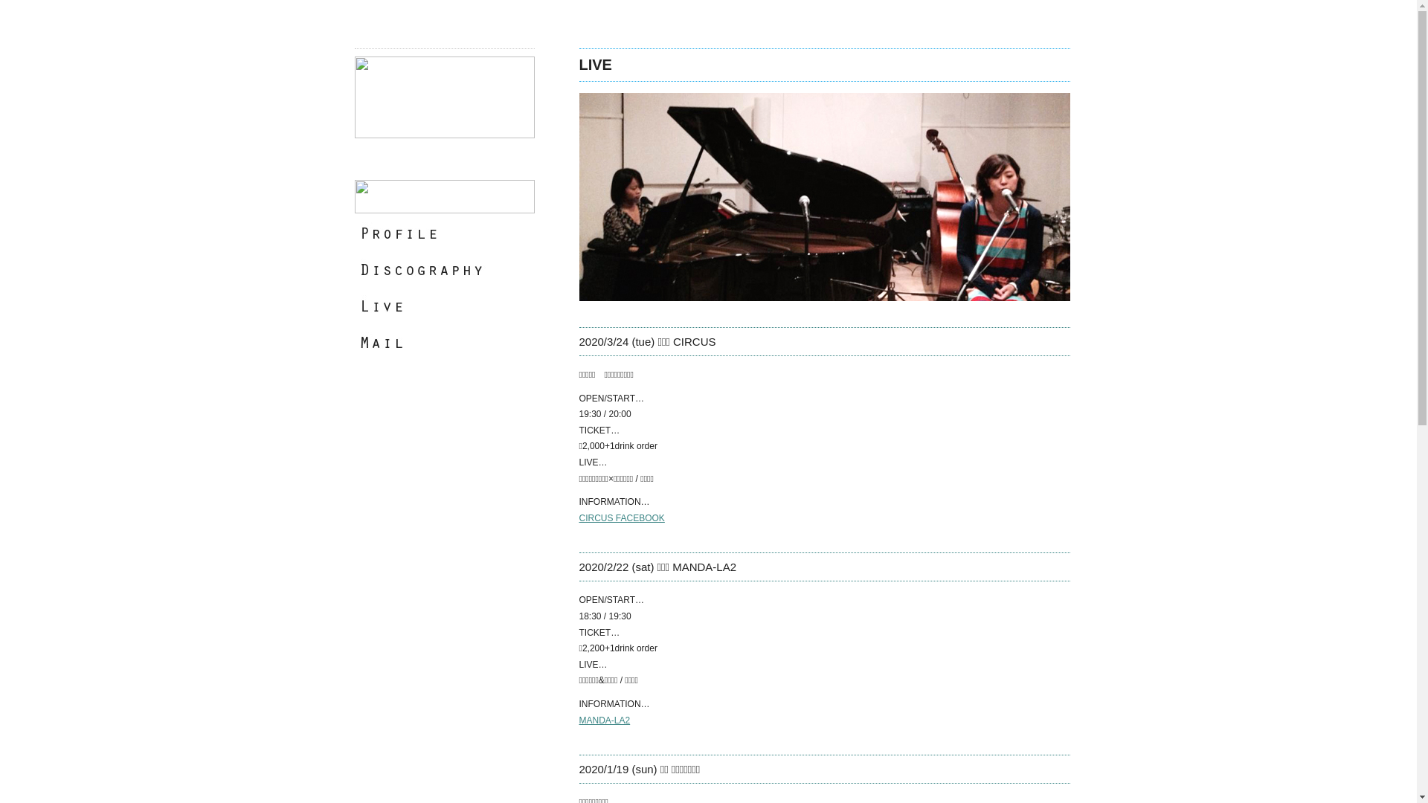 The width and height of the screenshot is (1428, 803). I want to click on 'CIRCUS FACEBOOK', so click(621, 517).